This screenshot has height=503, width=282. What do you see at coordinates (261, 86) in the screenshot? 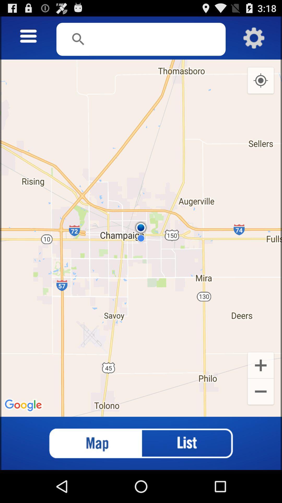
I see `the location_crosshair icon` at bounding box center [261, 86].